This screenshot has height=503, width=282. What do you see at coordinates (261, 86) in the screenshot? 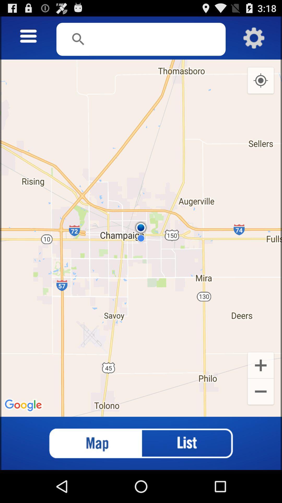
I see `the location_crosshair icon` at bounding box center [261, 86].